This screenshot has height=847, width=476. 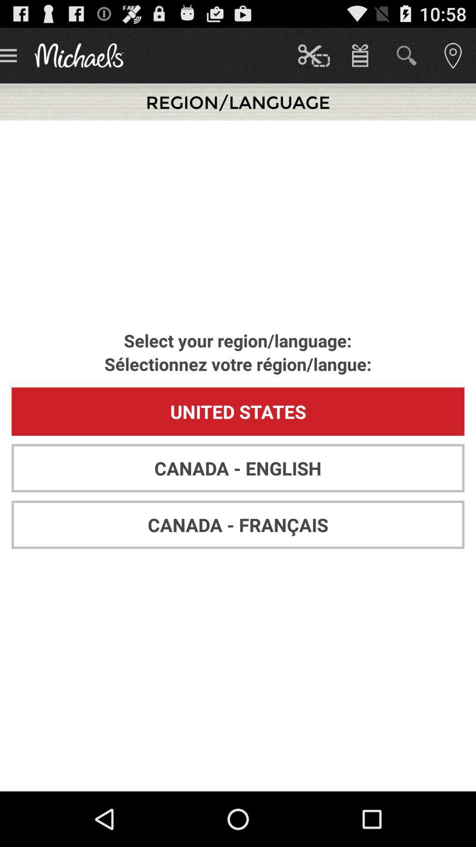 What do you see at coordinates (238, 468) in the screenshot?
I see `the app below united states` at bounding box center [238, 468].